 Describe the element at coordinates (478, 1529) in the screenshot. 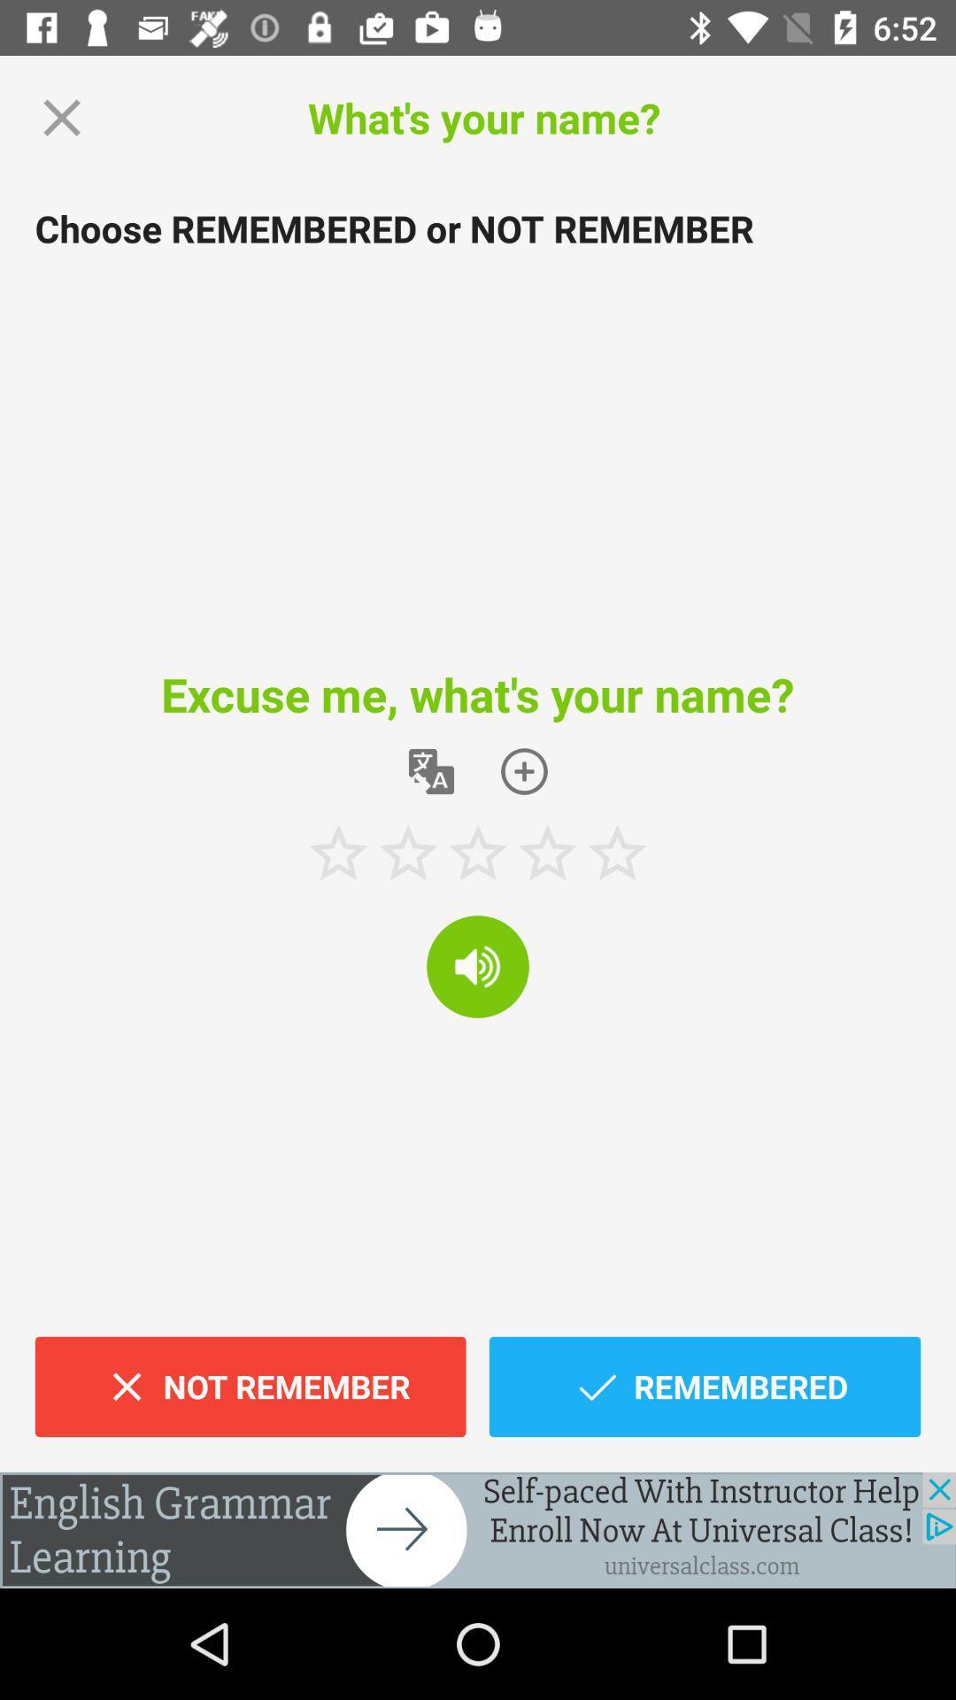

I see `it is an advertisement` at that location.